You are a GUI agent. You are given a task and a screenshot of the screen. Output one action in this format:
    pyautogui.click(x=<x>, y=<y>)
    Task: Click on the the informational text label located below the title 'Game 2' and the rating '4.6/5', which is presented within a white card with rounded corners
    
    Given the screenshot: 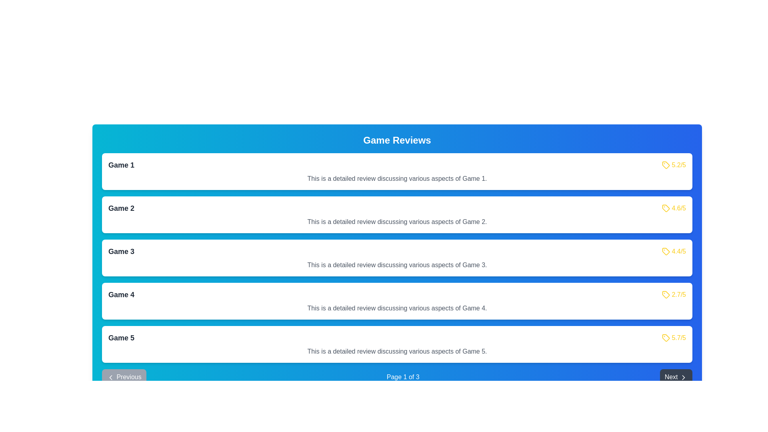 What is the action you would take?
    pyautogui.click(x=397, y=222)
    